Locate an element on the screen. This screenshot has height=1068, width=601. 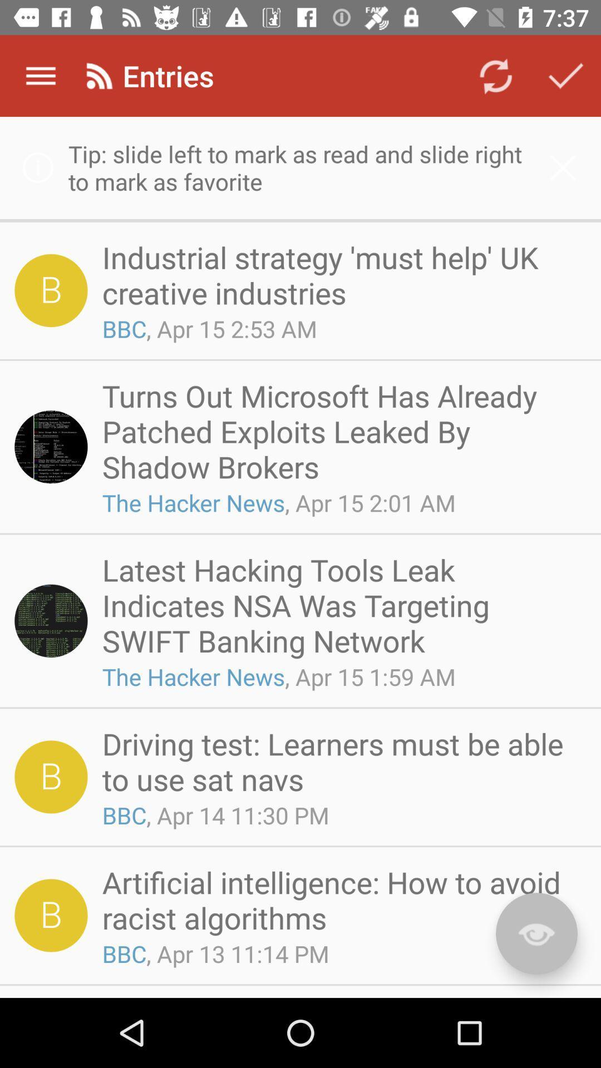
the latest hacking tools icon is located at coordinates (340, 604).